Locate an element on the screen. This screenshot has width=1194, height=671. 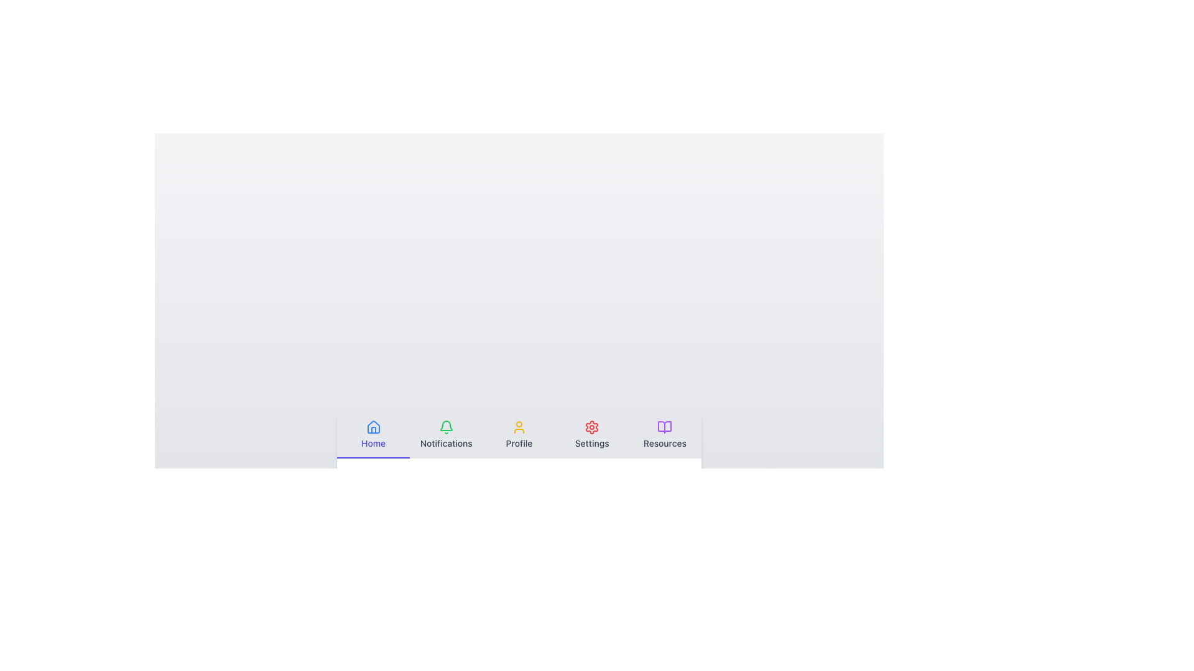
the Navigation button displaying a house icon and 'Home' label to trigger the tooltip is located at coordinates (373, 434).